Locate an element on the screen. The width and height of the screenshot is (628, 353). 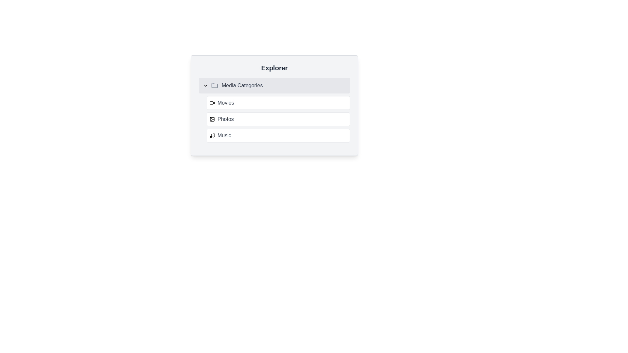
the 'Movies' text label in the media categories section of the navigation menu, positioned to the right of the video icon is located at coordinates (226, 103).